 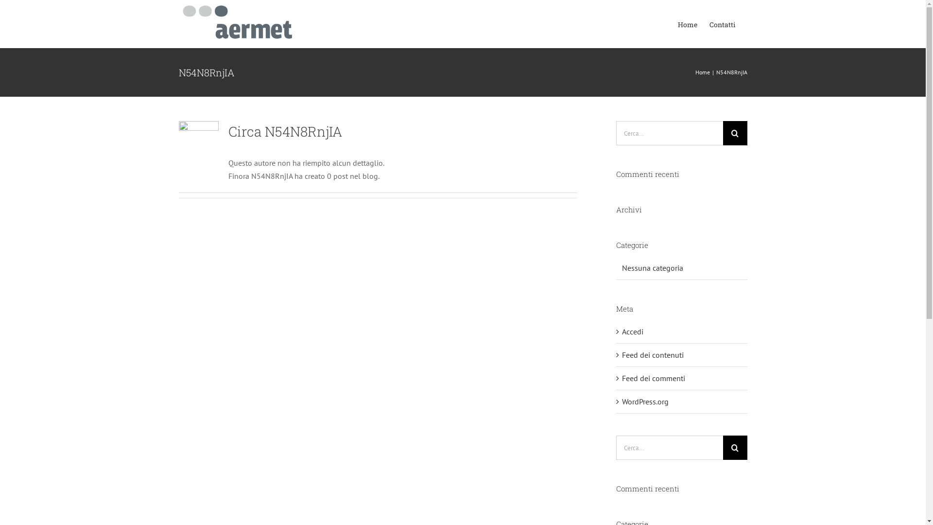 What do you see at coordinates (653, 354) in the screenshot?
I see `'Feed dei contenuti'` at bounding box center [653, 354].